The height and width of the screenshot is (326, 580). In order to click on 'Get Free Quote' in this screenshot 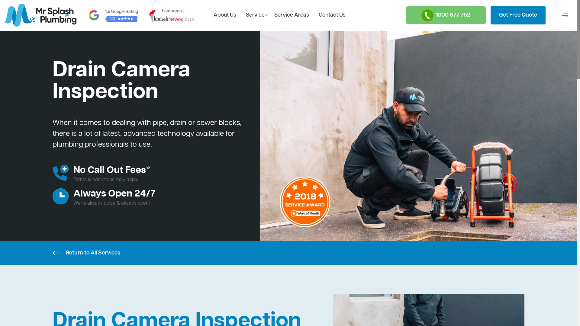, I will do `click(517, 15)`.